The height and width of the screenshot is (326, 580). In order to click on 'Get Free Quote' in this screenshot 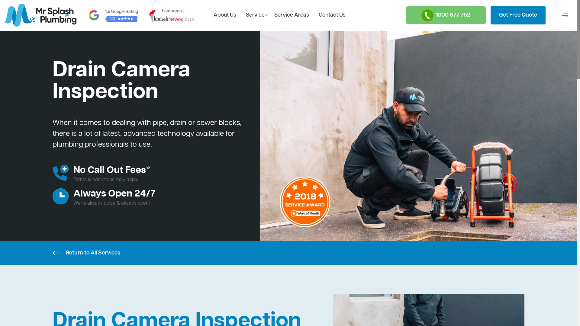, I will do `click(517, 15)`.